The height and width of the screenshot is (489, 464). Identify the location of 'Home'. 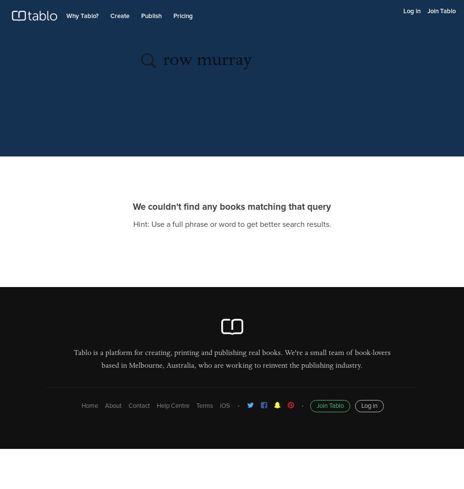
(89, 405).